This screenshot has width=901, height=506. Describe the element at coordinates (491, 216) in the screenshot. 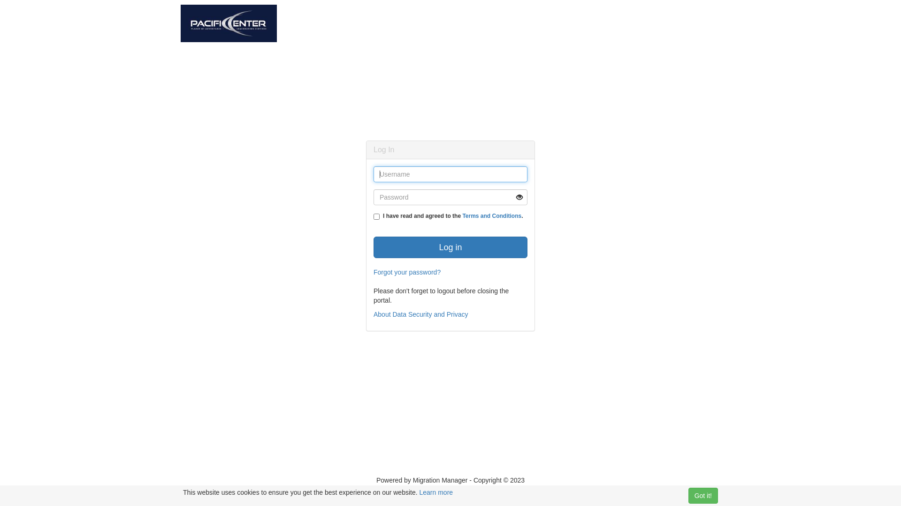

I see `'Terms and Conditions'` at that location.